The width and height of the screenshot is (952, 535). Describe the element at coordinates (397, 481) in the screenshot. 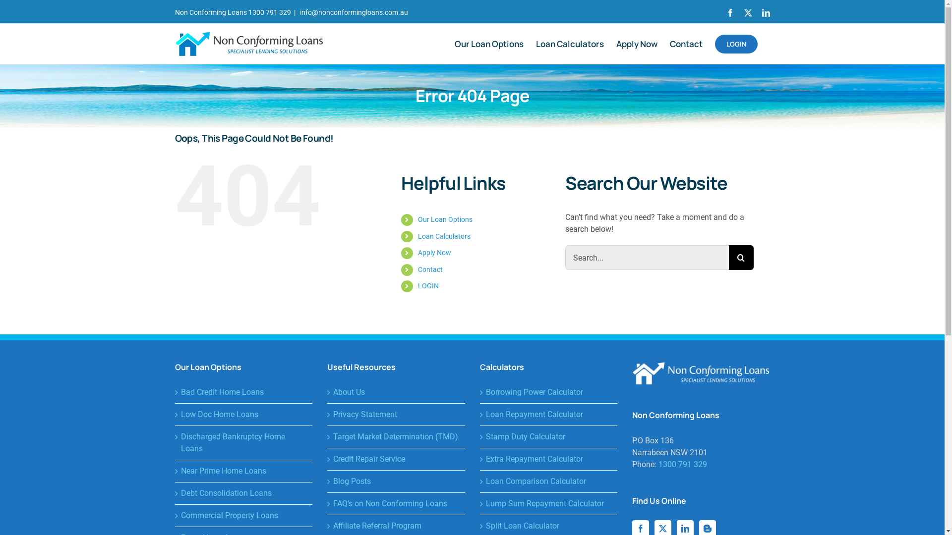

I see `'Blog Posts'` at that location.